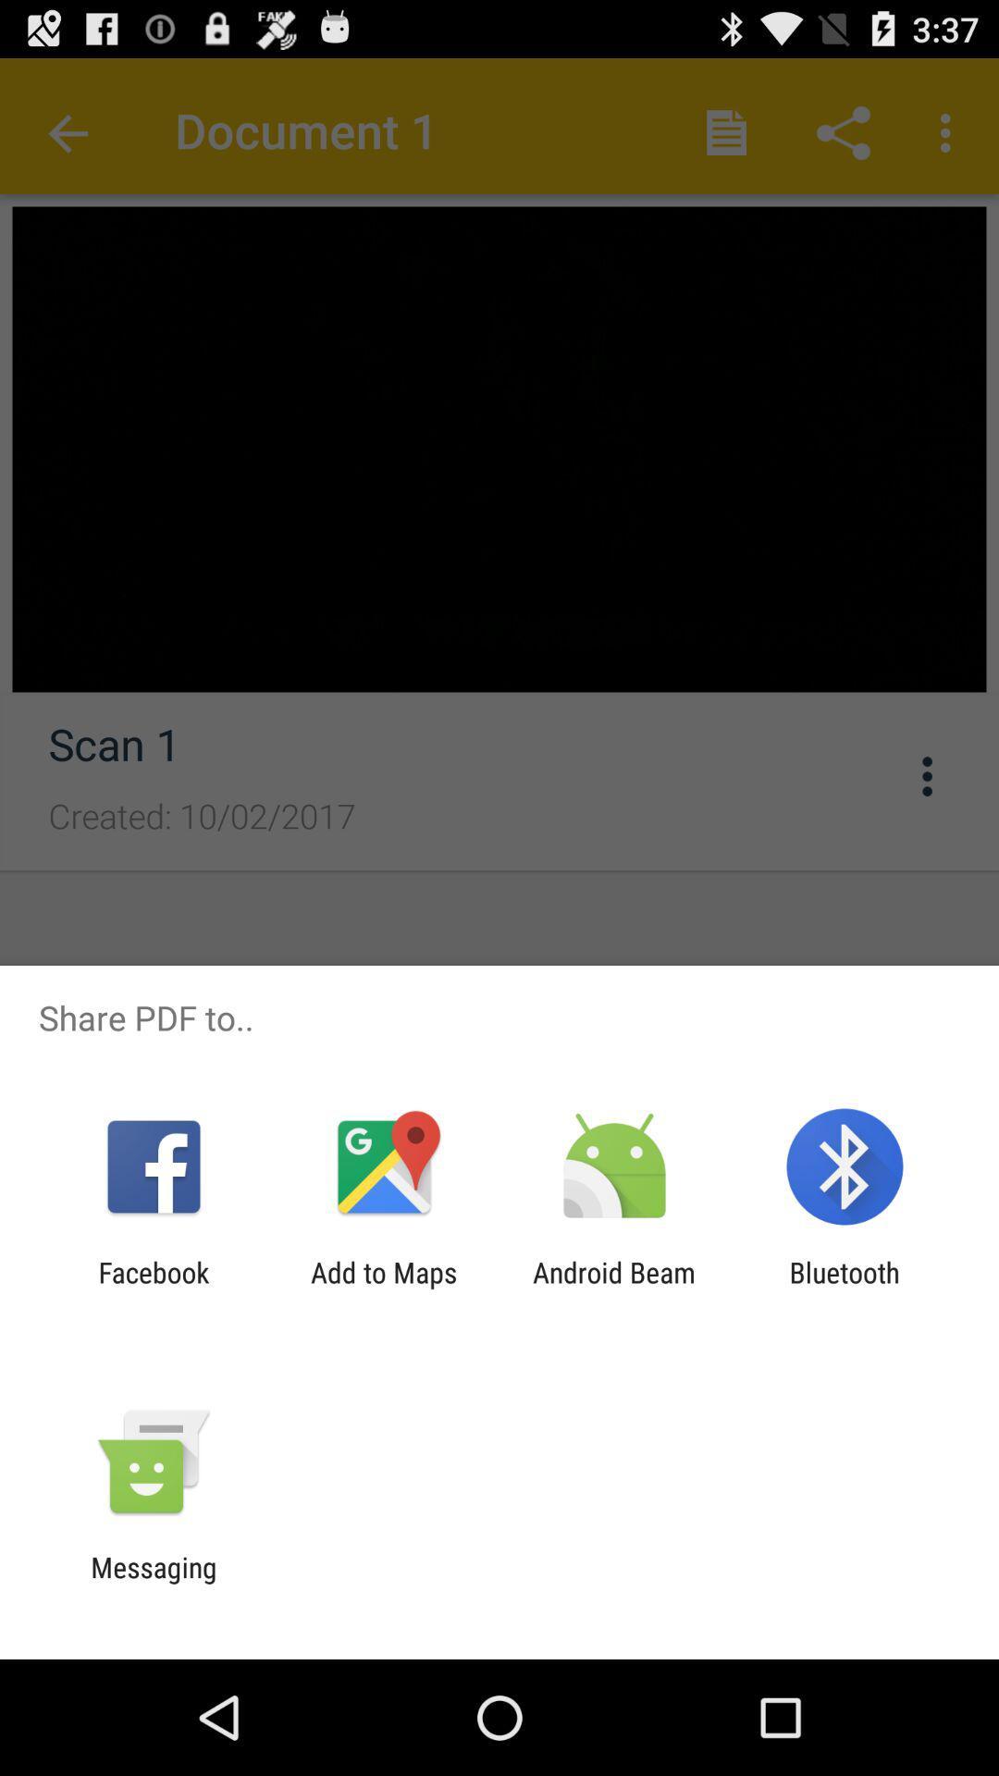 This screenshot has height=1776, width=999. I want to click on facebook app, so click(153, 1288).